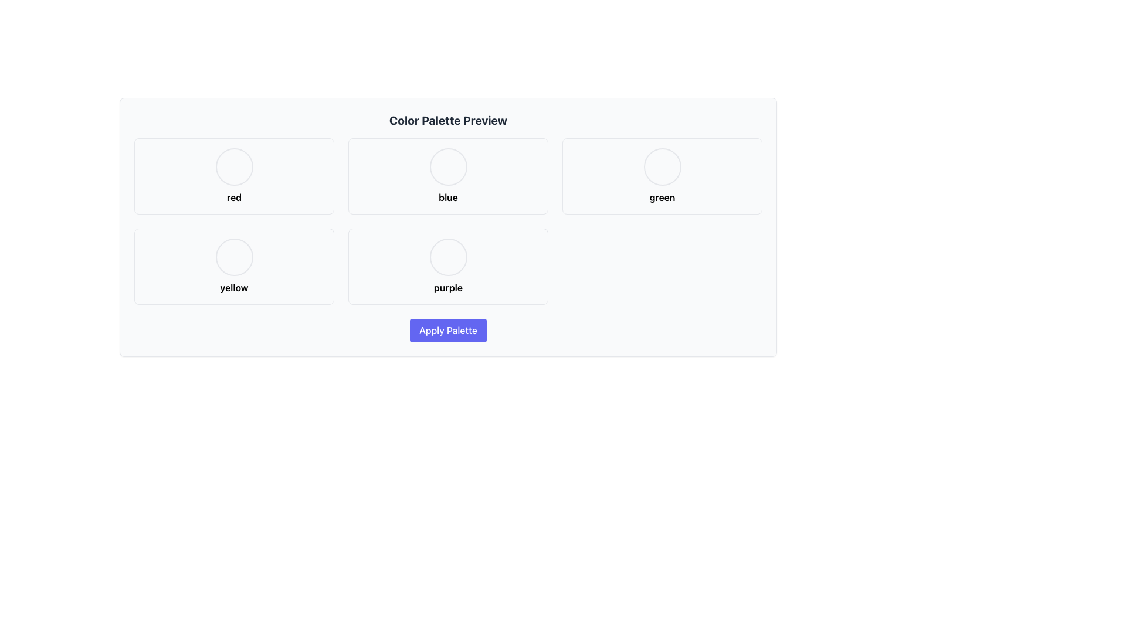 The height and width of the screenshot is (633, 1126). Describe the element at coordinates (234, 176) in the screenshot. I see `the first card` at that location.